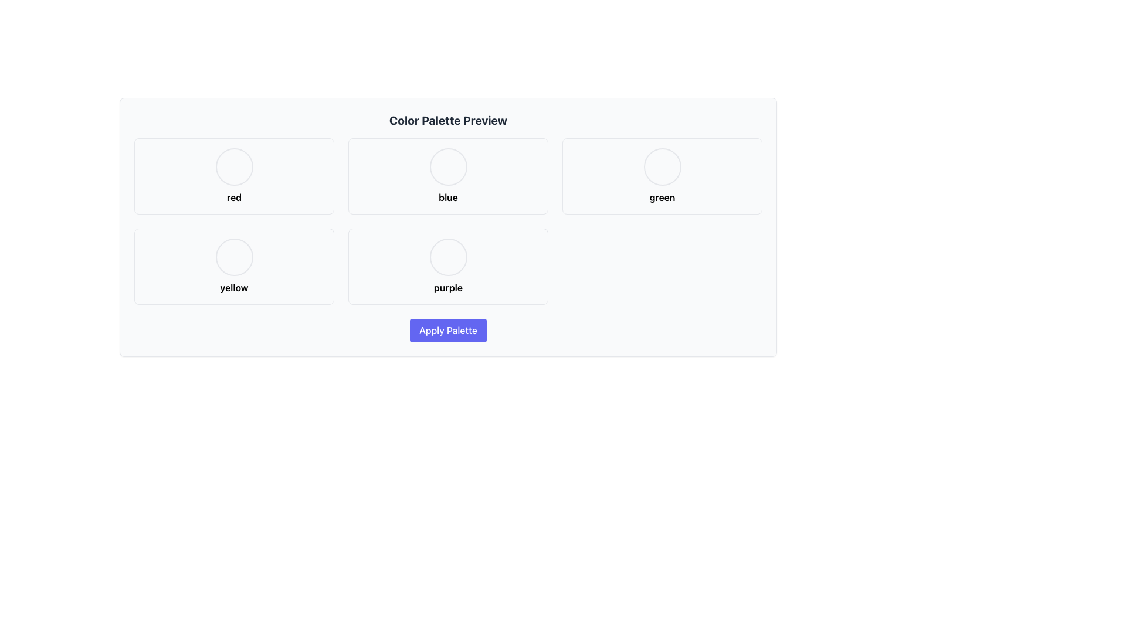 The height and width of the screenshot is (633, 1126). Describe the element at coordinates (234, 176) in the screenshot. I see `the first card` at that location.